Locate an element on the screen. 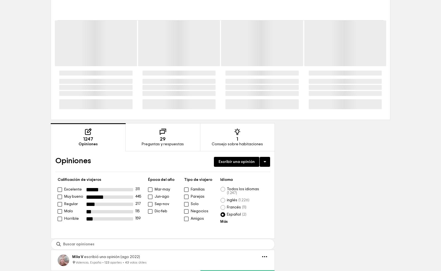 The width and height of the screenshot is (441, 271). '1' is located at coordinates (236, 177).